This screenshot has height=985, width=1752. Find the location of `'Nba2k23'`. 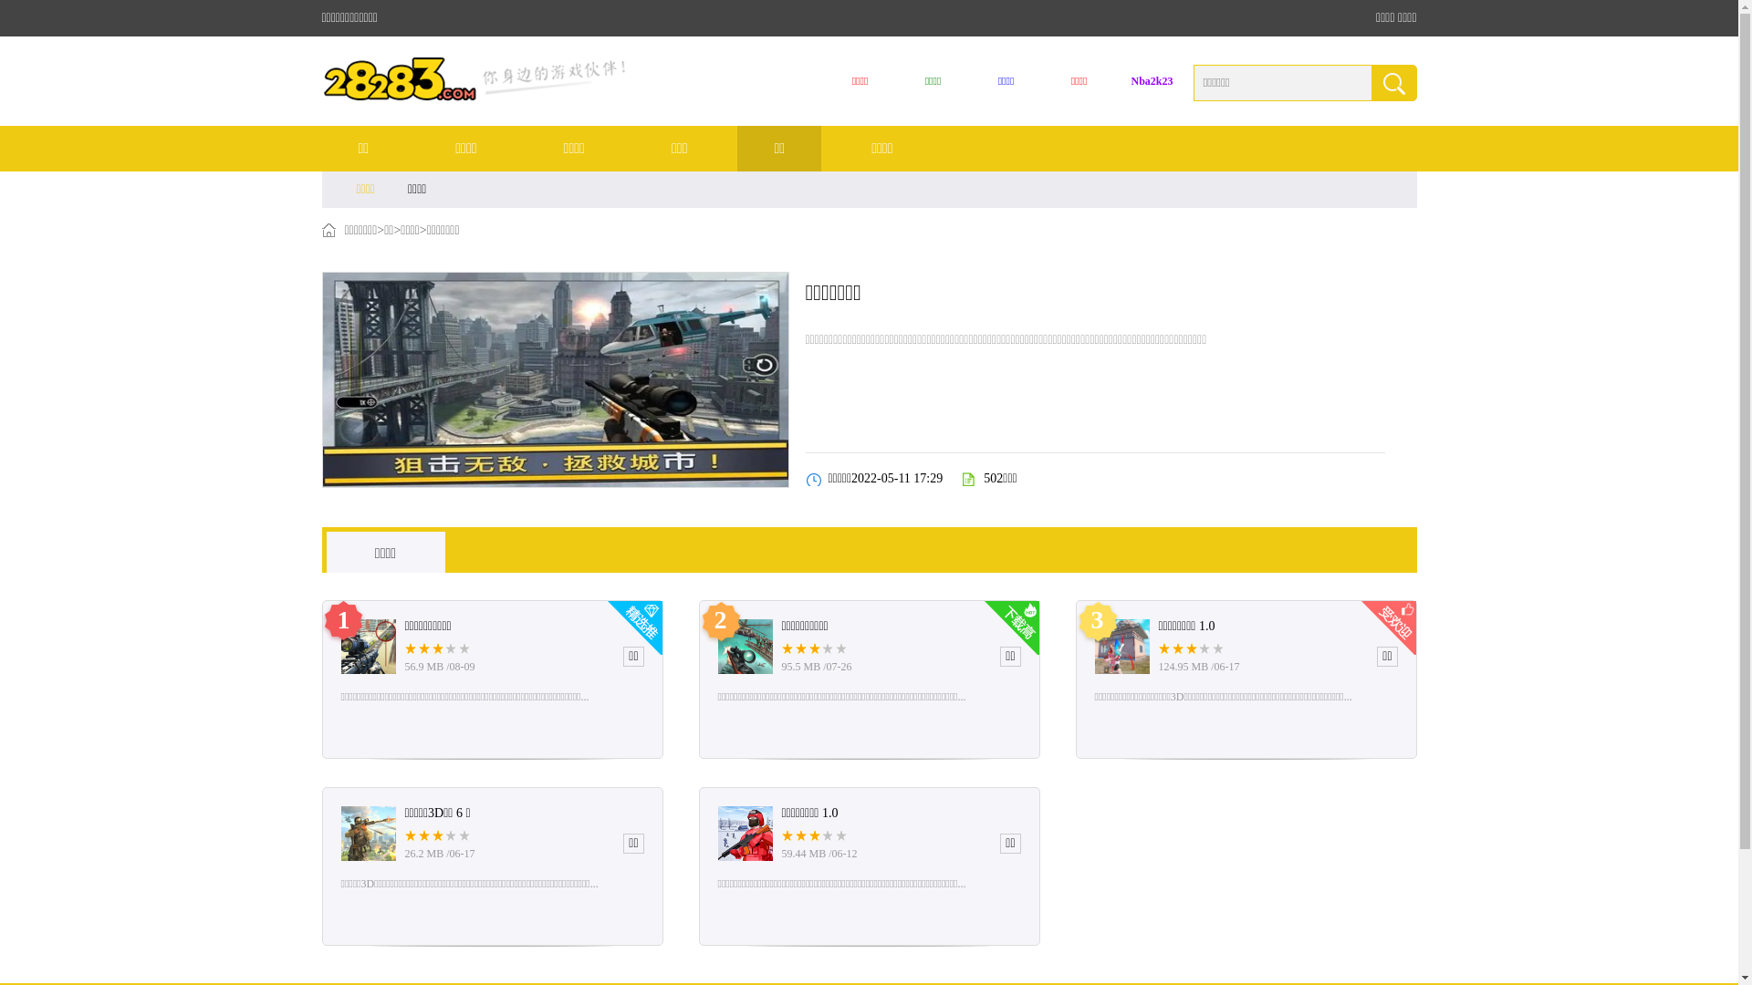

'Nba2k23' is located at coordinates (1151, 80).